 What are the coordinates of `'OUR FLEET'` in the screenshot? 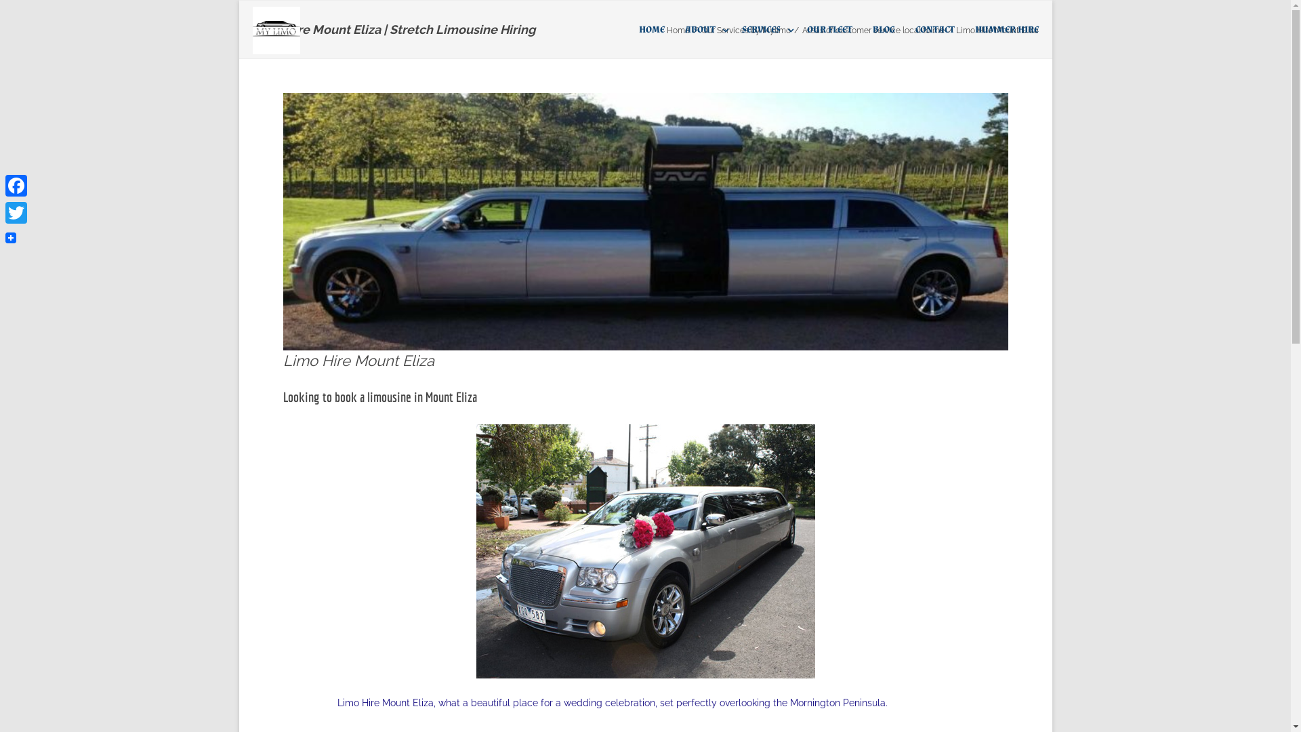 It's located at (828, 29).